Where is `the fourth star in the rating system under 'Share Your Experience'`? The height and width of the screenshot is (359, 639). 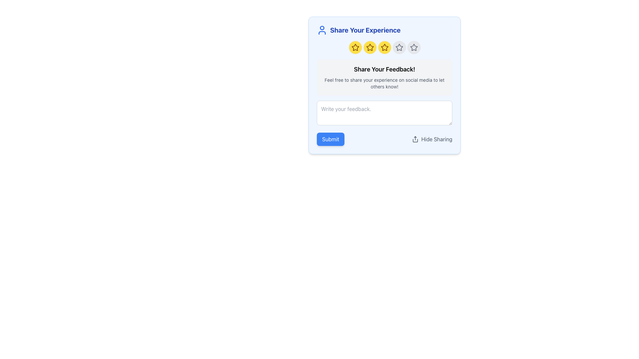 the fourth star in the rating system under 'Share Your Experience' is located at coordinates (399, 47).